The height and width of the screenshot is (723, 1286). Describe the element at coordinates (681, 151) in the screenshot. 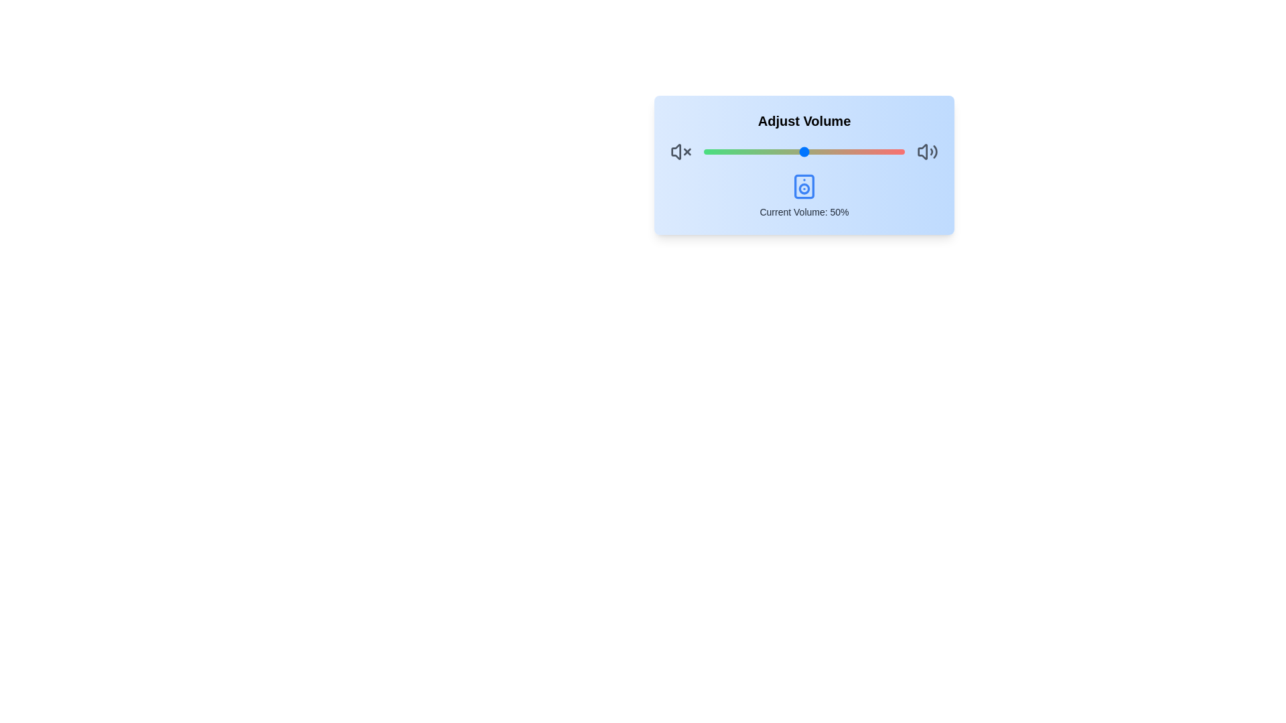

I see `the mute icon to mute the volume` at that location.